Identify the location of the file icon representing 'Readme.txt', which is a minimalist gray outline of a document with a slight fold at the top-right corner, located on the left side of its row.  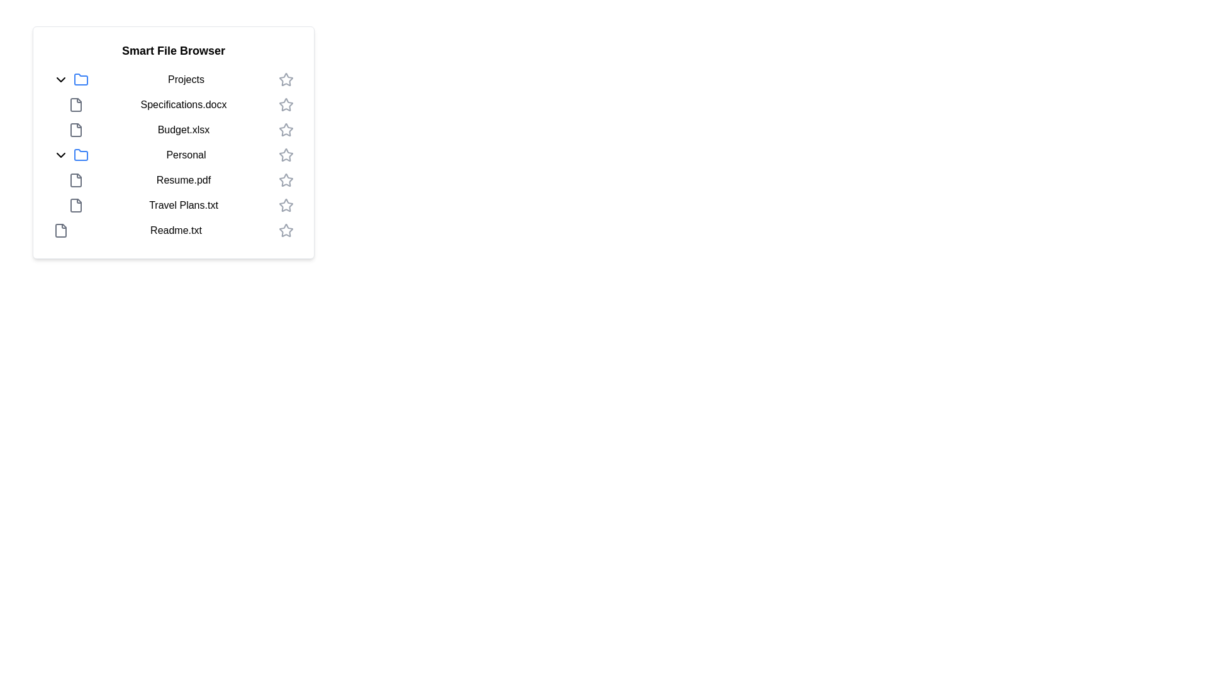
(60, 230).